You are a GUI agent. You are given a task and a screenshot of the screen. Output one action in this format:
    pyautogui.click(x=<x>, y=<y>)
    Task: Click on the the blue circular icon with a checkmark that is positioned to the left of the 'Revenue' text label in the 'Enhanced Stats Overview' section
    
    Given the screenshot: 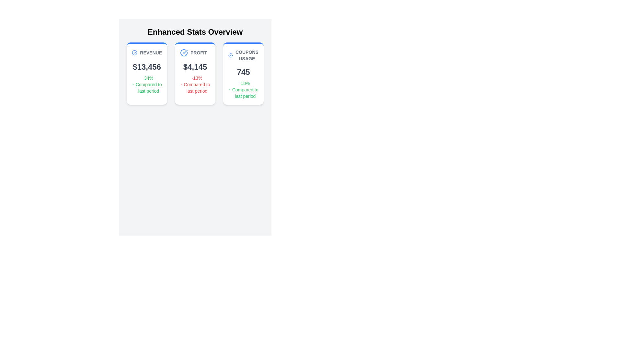 What is the action you would take?
    pyautogui.click(x=134, y=52)
    